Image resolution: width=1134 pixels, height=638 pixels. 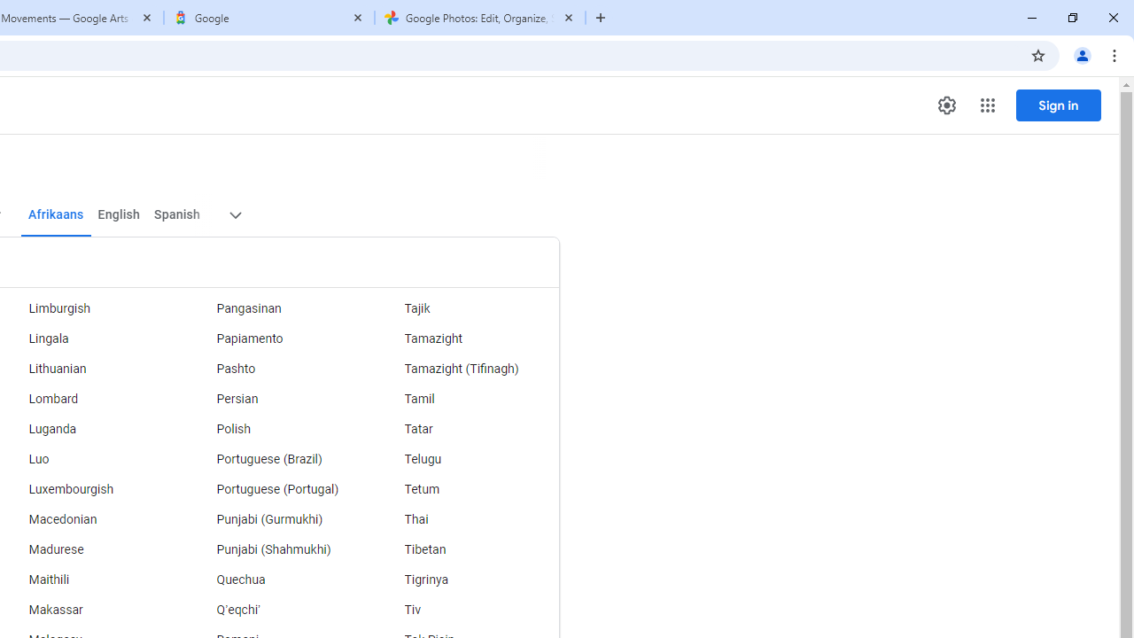 What do you see at coordinates (465, 339) in the screenshot?
I see `'Tamazight'` at bounding box center [465, 339].